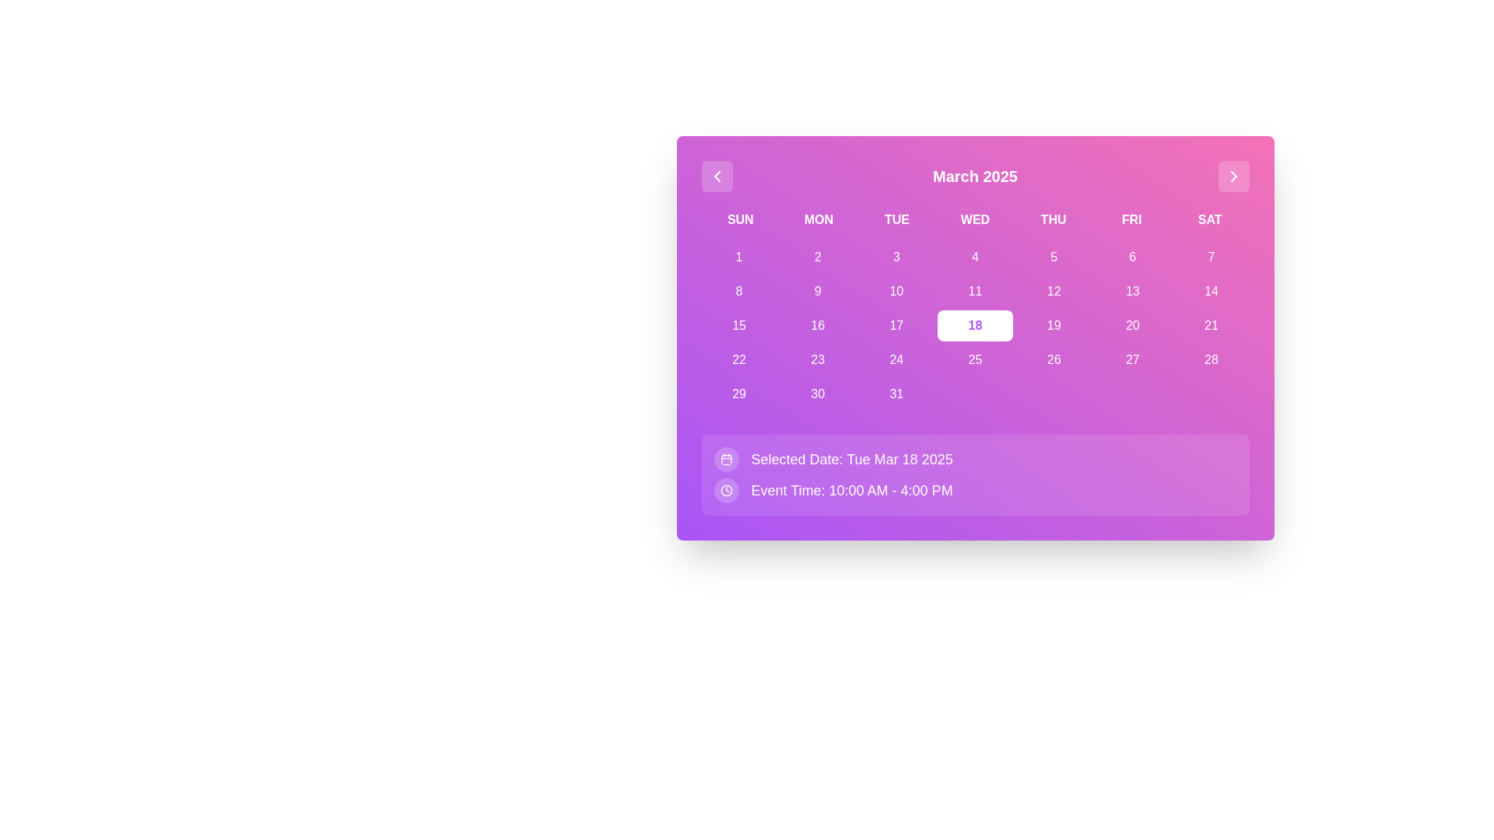  Describe the element at coordinates (1054, 325) in the screenshot. I see `the date selector button for the date '19' in the March 2025 calendar grid to observe interaction effects` at that location.